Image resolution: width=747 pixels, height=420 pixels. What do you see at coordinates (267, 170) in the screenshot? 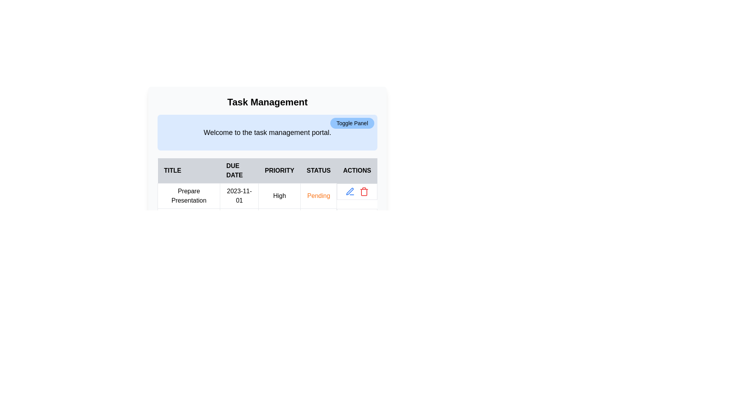
I see `the 'PRIORITY' column header in the table to sort the tasks, as sorting is enabled` at bounding box center [267, 170].